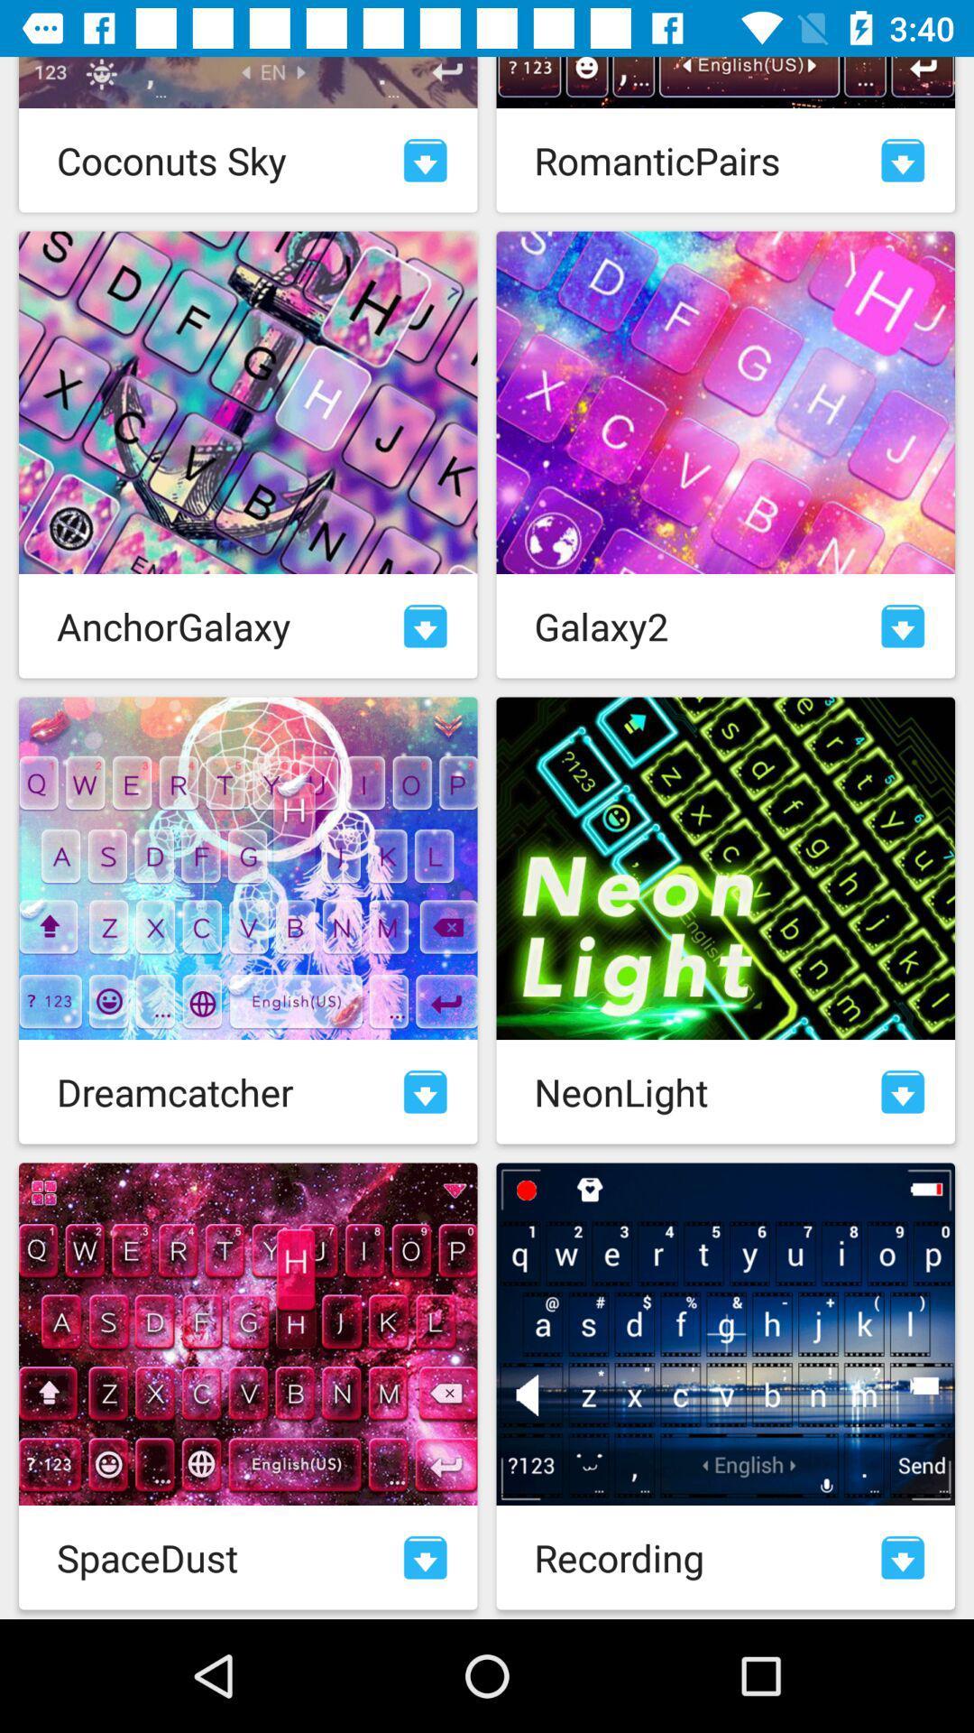 Image resolution: width=974 pixels, height=1733 pixels. What do you see at coordinates (425, 1556) in the screenshot?
I see `download` at bounding box center [425, 1556].